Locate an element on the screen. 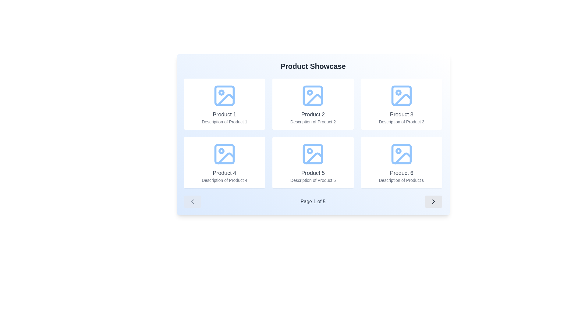 This screenshot has width=585, height=329. attributes of the text element providing a brief description for 'Product 2', located at the center bottom of the card showcasing 'Product 2' is located at coordinates (313, 122).